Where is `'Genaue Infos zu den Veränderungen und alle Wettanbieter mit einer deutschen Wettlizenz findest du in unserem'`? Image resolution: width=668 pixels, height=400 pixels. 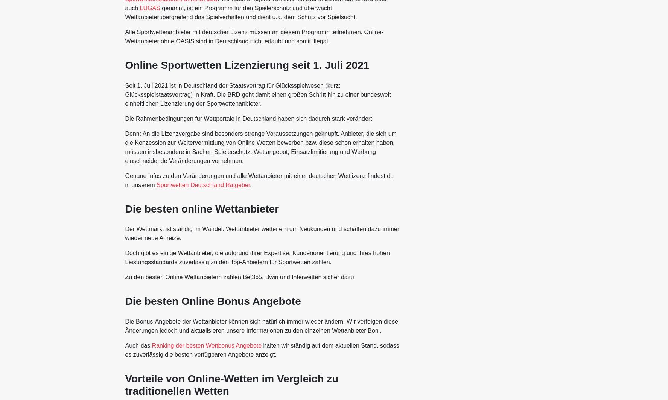 'Genaue Infos zu den Veränderungen und alle Wettanbieter mit einer deutschen Wettlizenz findest du in unserem' is located at coordinates (124, 180).